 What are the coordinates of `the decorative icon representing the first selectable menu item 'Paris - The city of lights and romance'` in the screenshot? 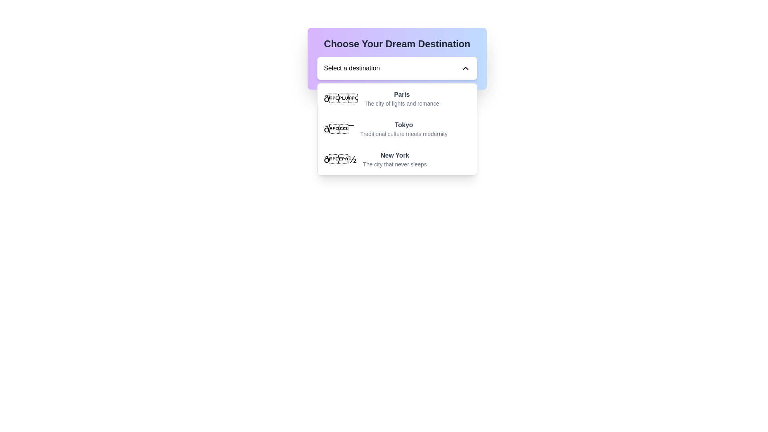 It's located at (341, 98).